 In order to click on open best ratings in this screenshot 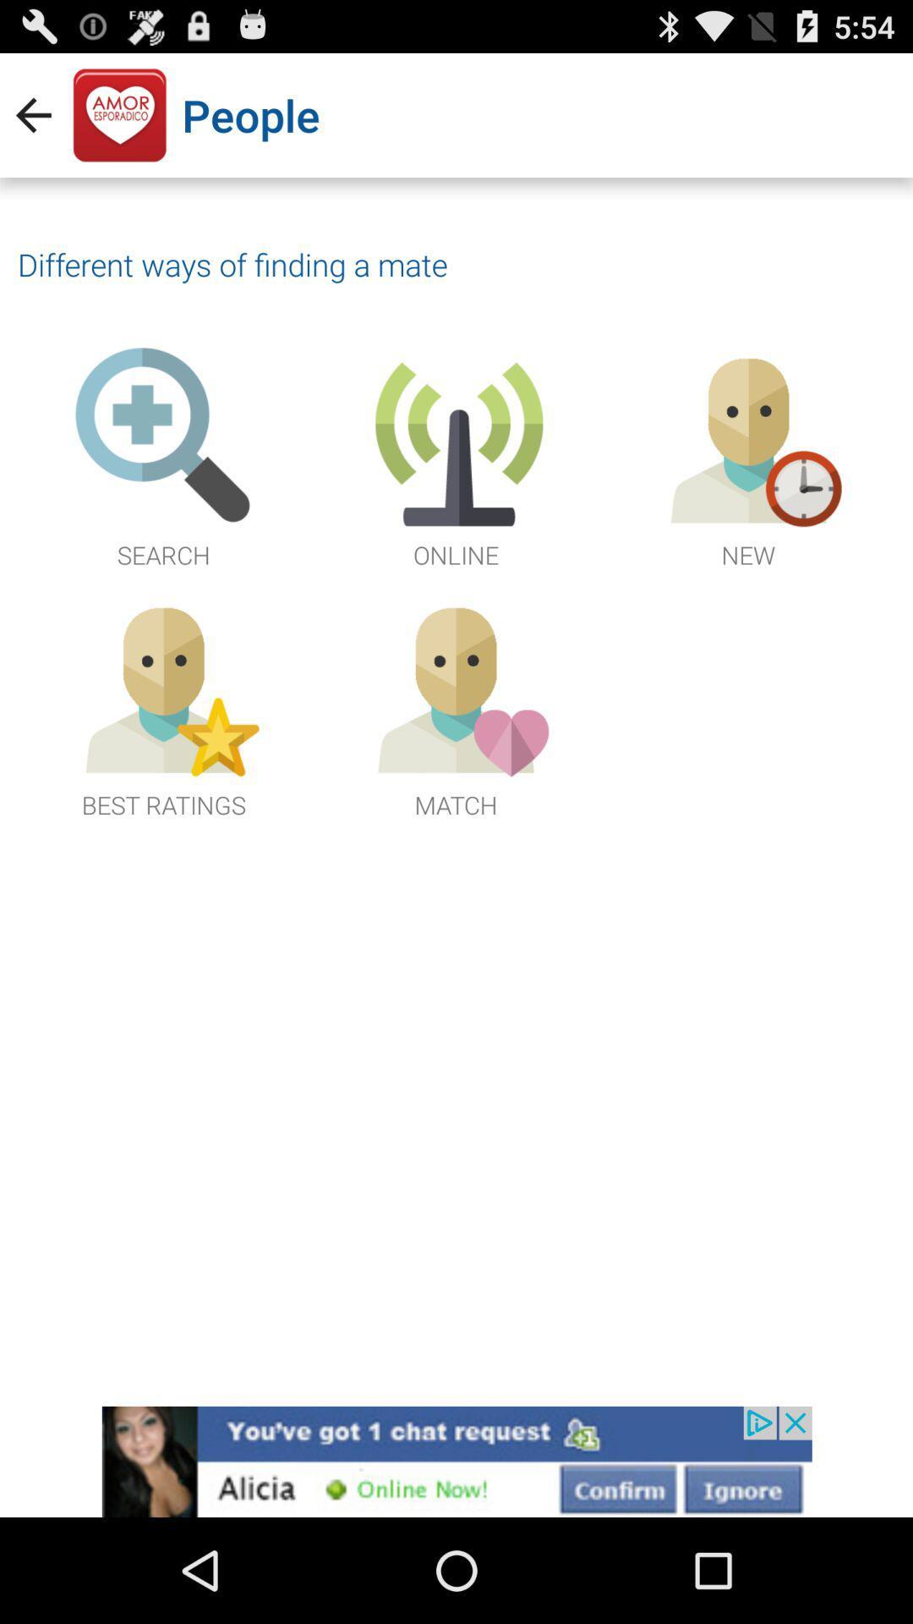, I will do `click(163, 707)`.